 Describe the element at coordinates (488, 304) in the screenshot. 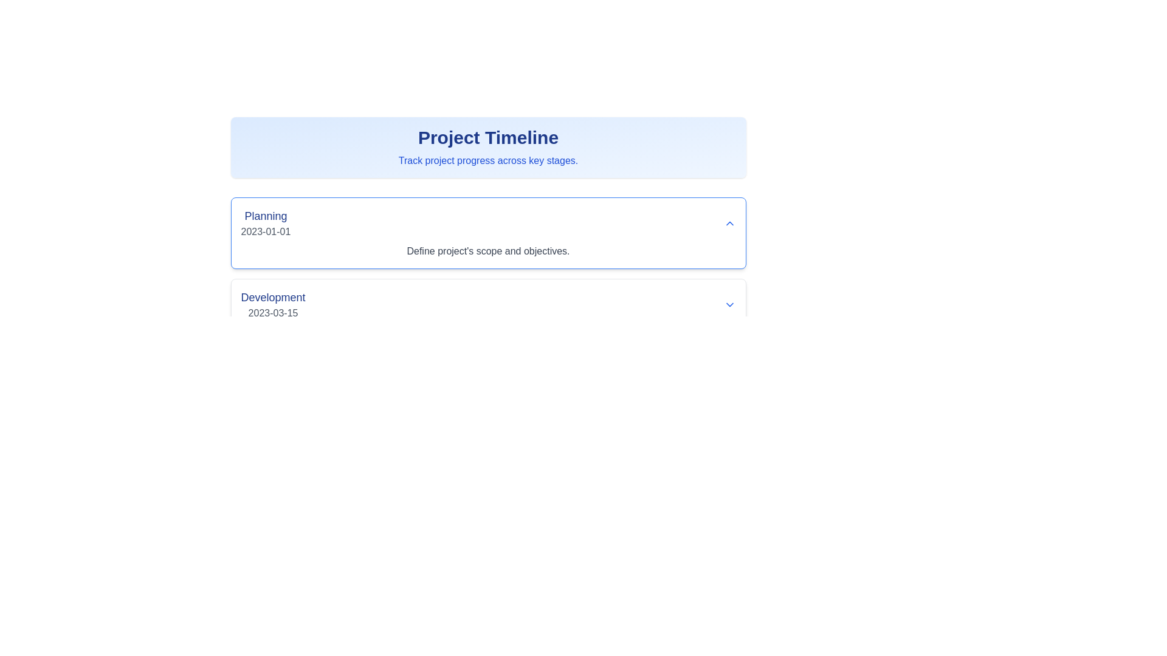

I see `the 'Development' card element` at that location.